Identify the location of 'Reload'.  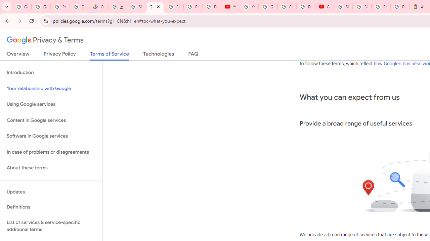
(31, 20).